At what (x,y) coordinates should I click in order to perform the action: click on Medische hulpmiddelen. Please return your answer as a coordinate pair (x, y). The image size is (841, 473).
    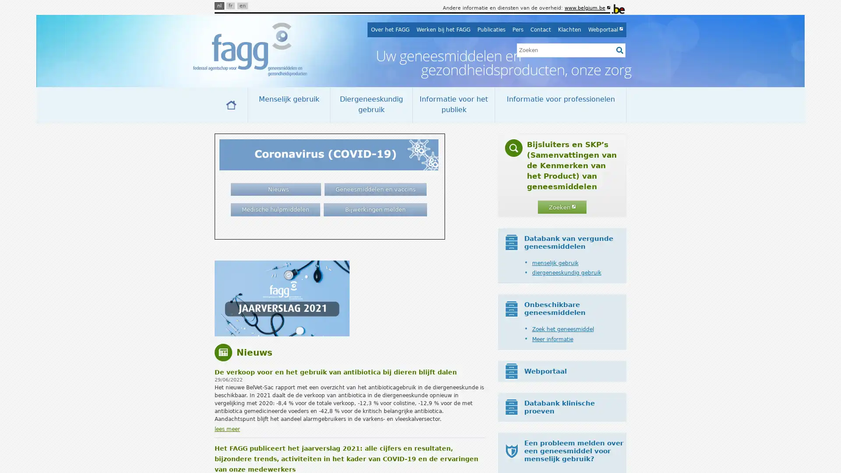
    Looking at the image, I should click on (275, 209).